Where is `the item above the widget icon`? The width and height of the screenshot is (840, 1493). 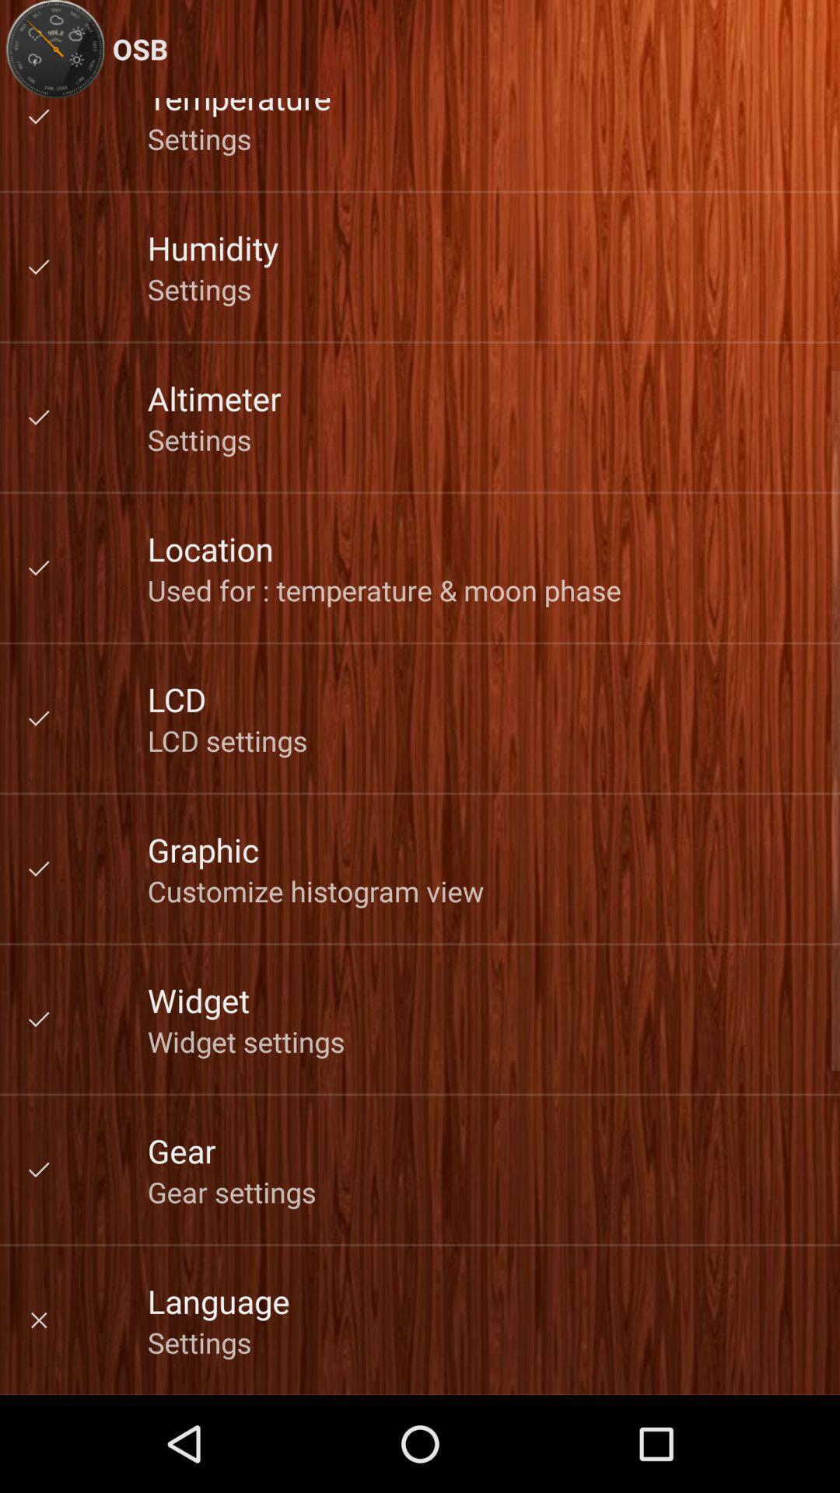 the item above the widget icon is located at coordinates (315, 891).